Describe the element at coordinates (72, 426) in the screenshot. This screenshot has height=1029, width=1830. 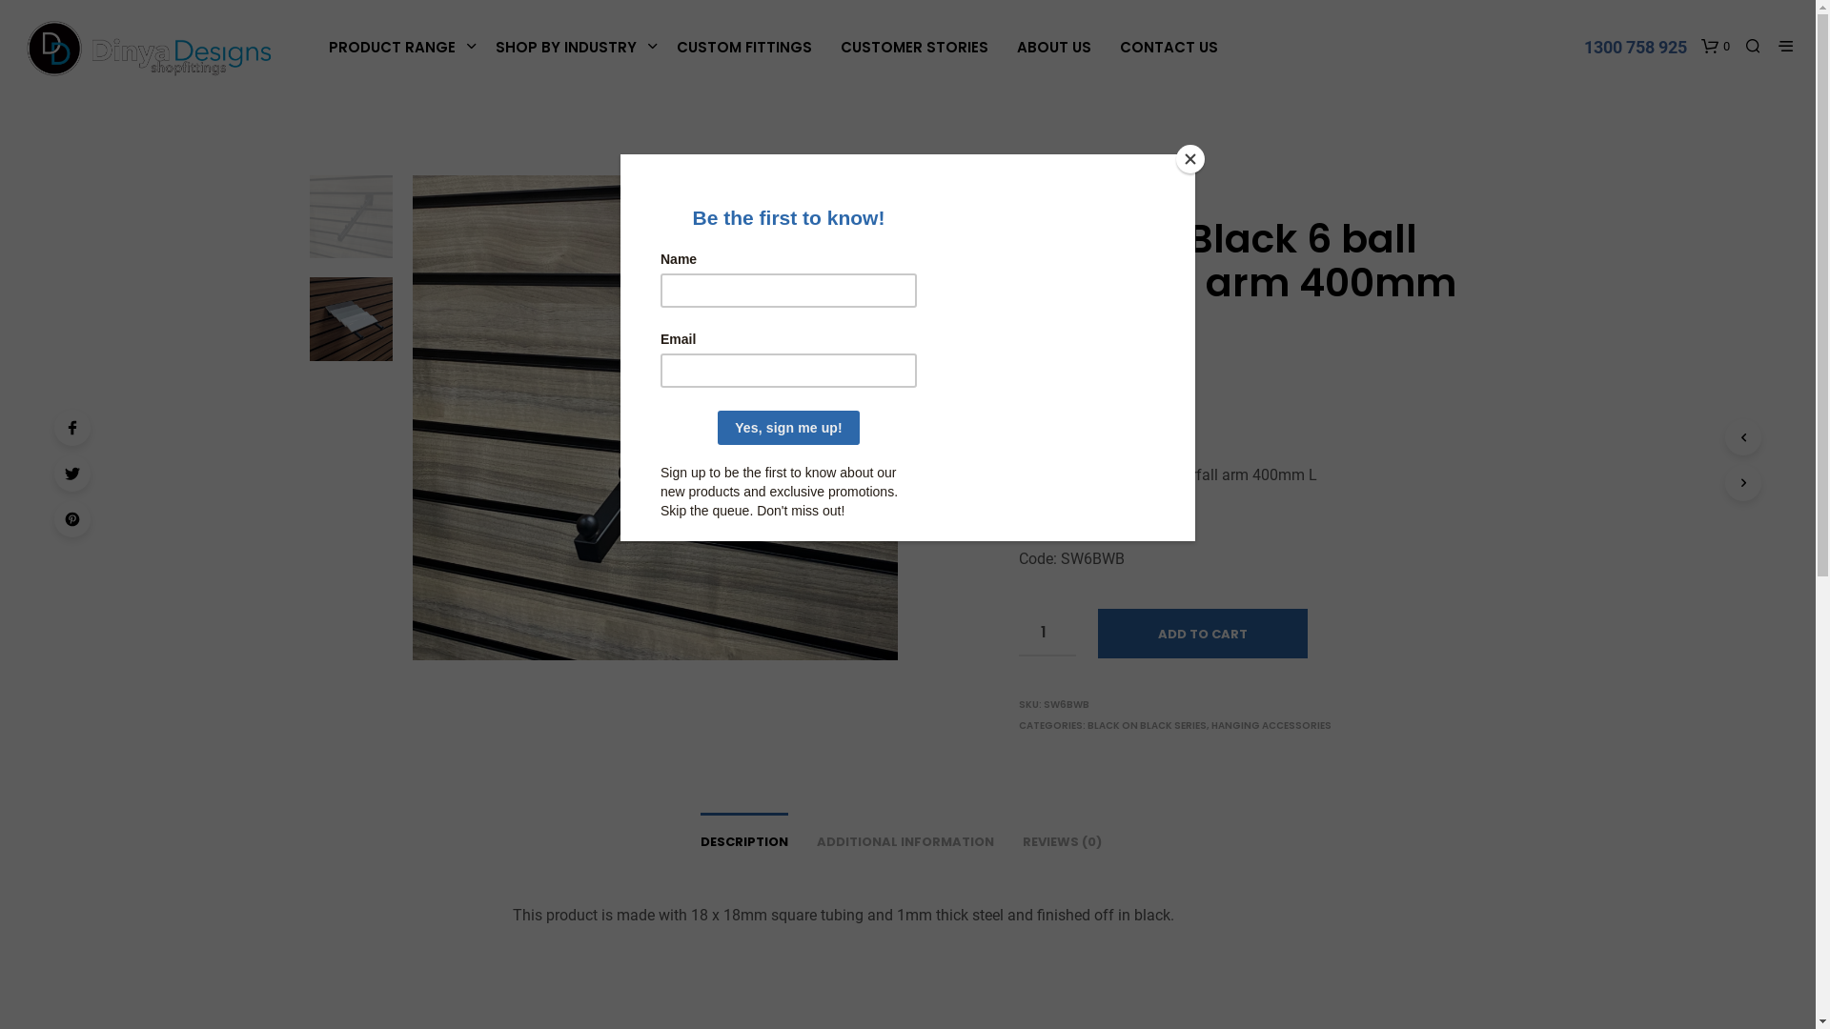
I see `'Facebook'` at that location.